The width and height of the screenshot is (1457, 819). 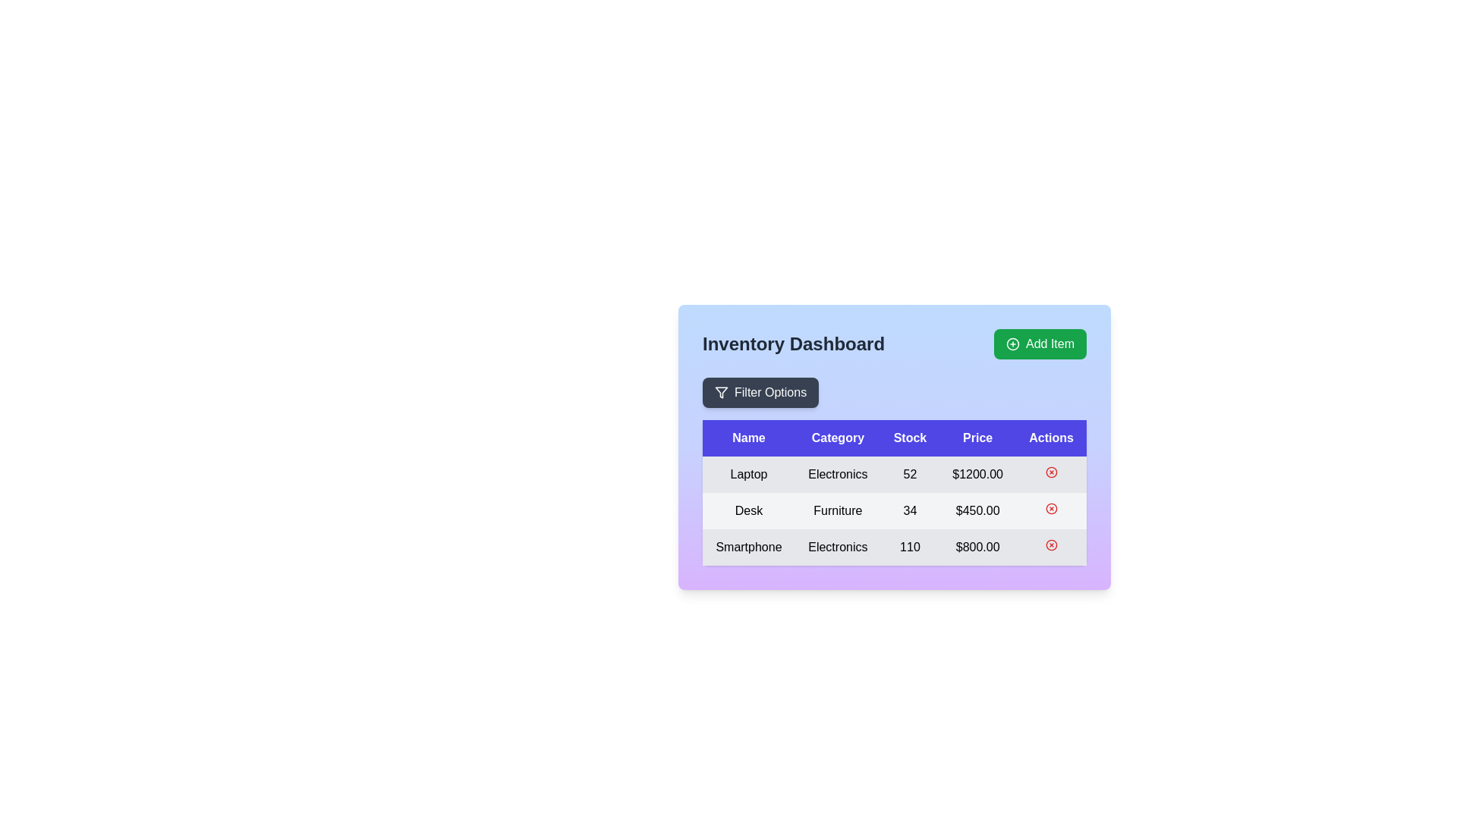 I want to click on the third row in the Inventory Dashboard table, which contains the product 'Smartphone' in the Name column, so click(x=895, y=547).